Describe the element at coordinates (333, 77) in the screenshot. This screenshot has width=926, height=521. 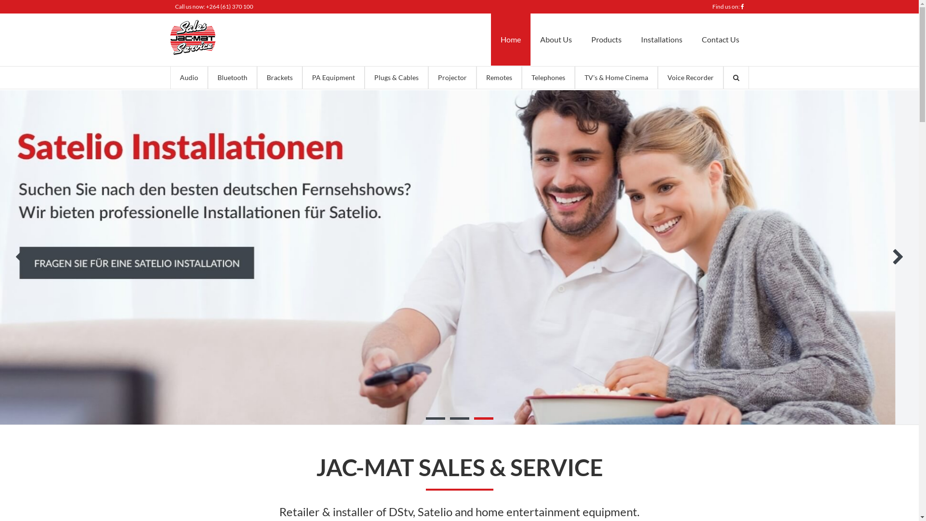
I see `'PA Equipment'` at that location.